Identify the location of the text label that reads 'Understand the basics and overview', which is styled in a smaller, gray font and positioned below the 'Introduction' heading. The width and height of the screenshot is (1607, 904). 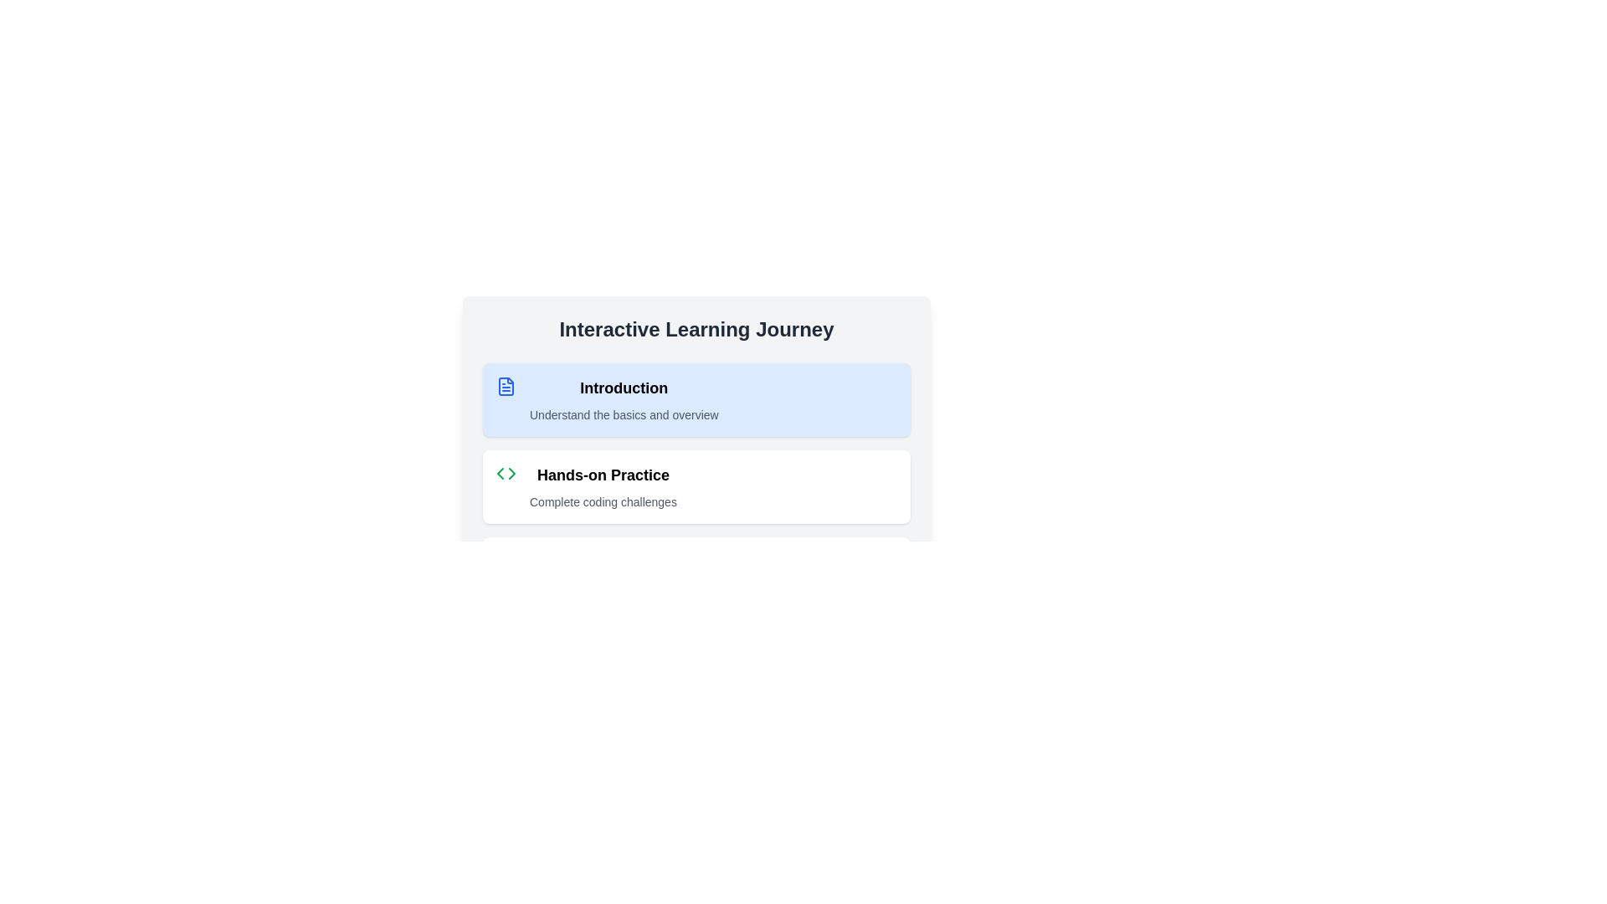
(623, 414).